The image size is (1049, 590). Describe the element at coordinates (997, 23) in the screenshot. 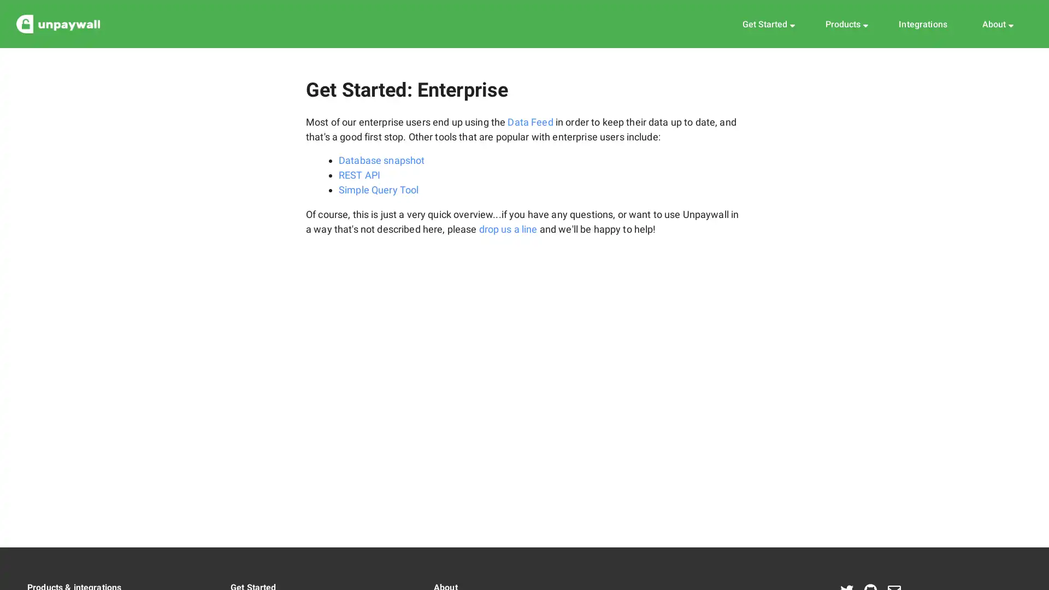

I see `About` at that location.